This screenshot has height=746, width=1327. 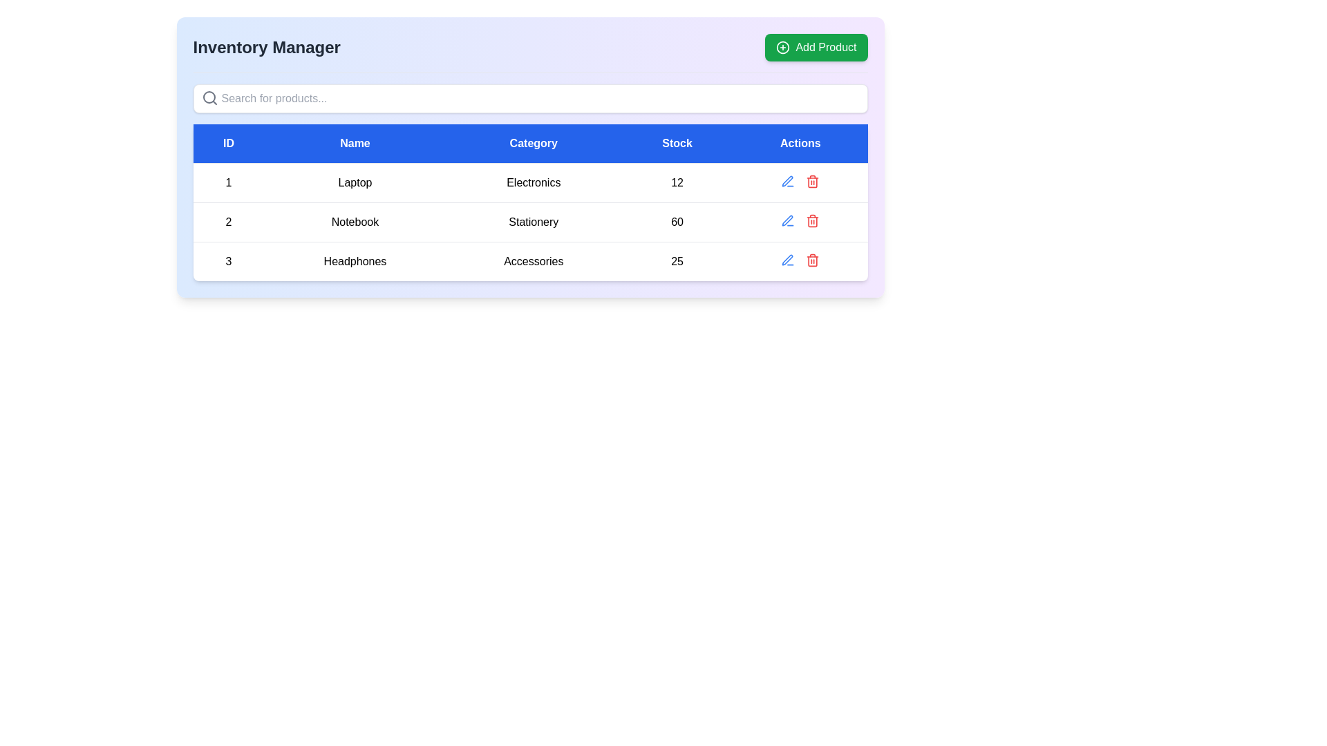 I want to click on the icon within the 'Add Product' button located at the top-right corner of the interface, enhancing recognition for adding a new product, so click(x=783, y=47).